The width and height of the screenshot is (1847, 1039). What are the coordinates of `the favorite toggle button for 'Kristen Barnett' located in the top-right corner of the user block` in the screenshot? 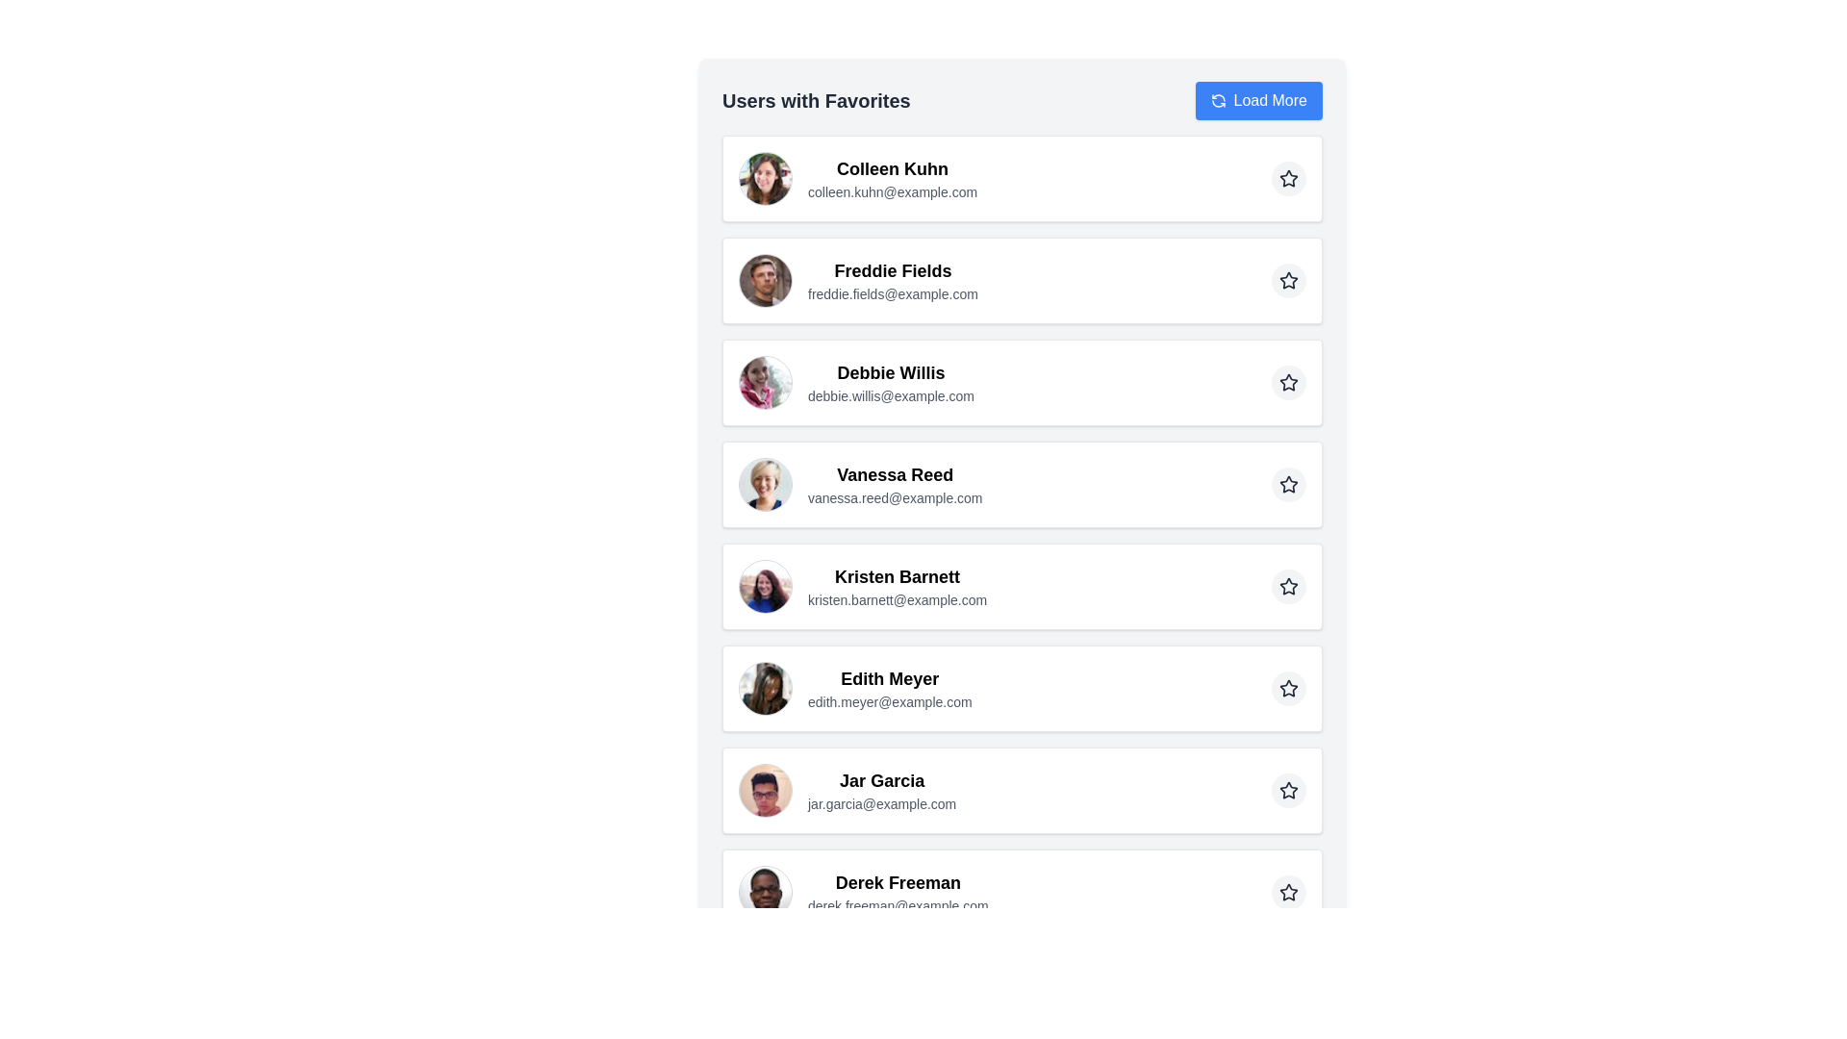 It's located at (1288, 585).